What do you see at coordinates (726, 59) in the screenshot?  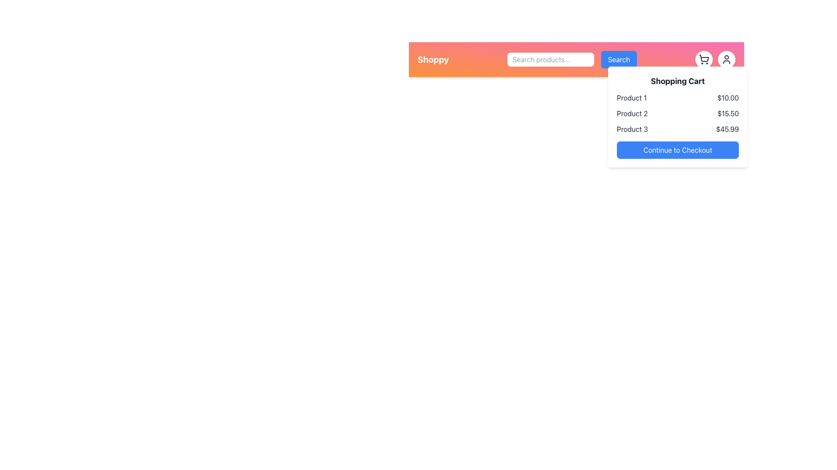 I see `the user-related action button located at the top-right corner of the application, which is the third circular button in the navigation area` at bounding box center [726, 59].